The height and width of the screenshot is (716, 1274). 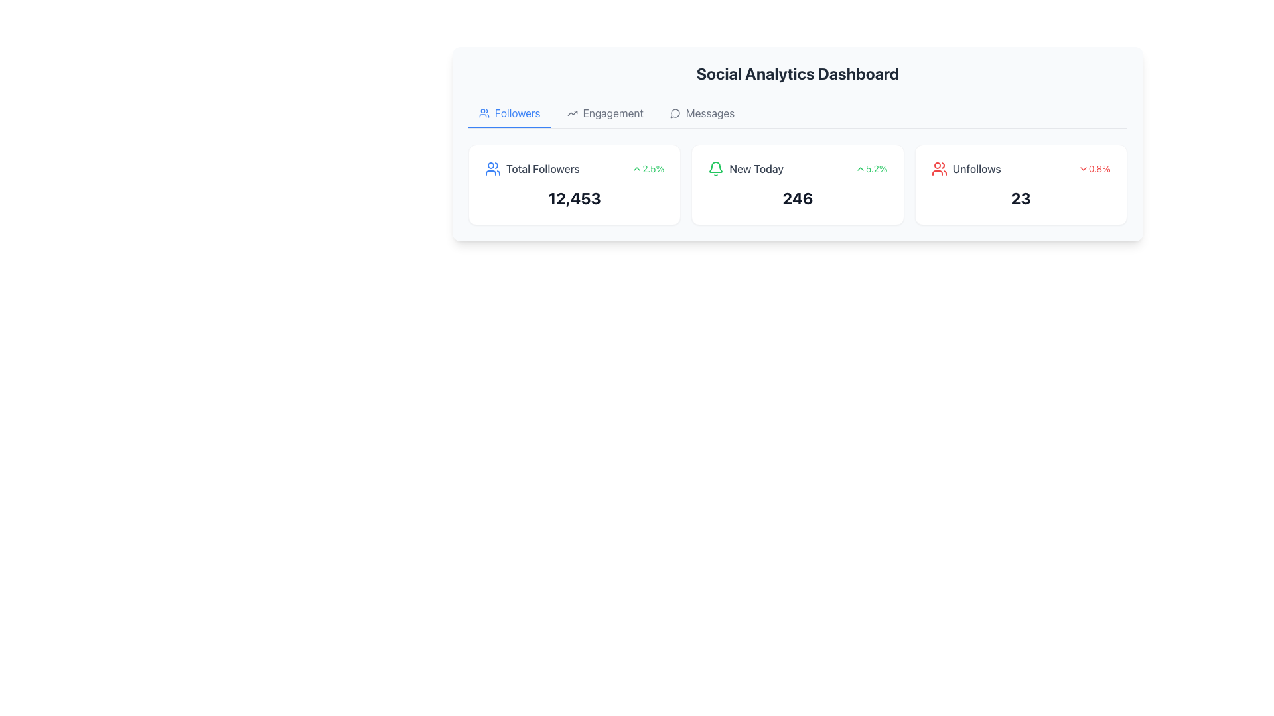 What do you see at coordinates (575, 184) in the screenshot?
I see `the Information Card displaying the total follower count and percentage change indicator, which is the leftmost card in the set of three cards under the 'Social Analytics Dashboard'` at bounding box center [575, 184].